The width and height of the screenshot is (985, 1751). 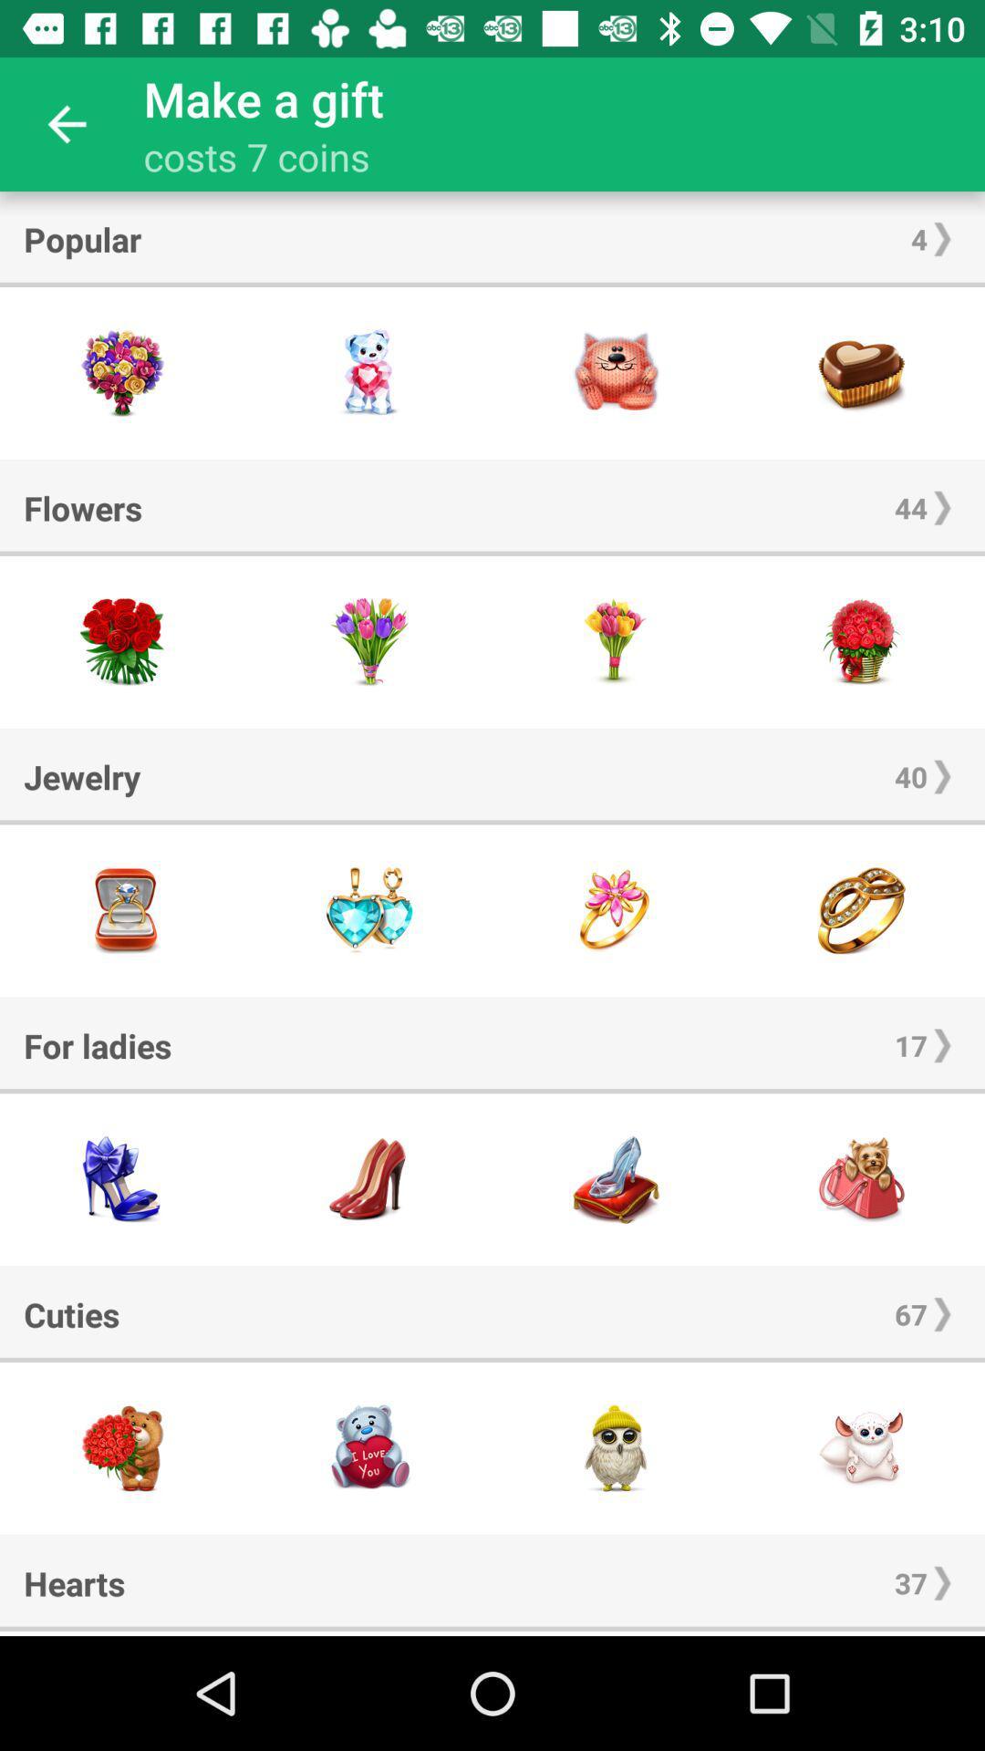 What do you see at coordinates (73, 1582) in the screenshot?
I see `the hearts icon` at bounding box center [73, 1582].